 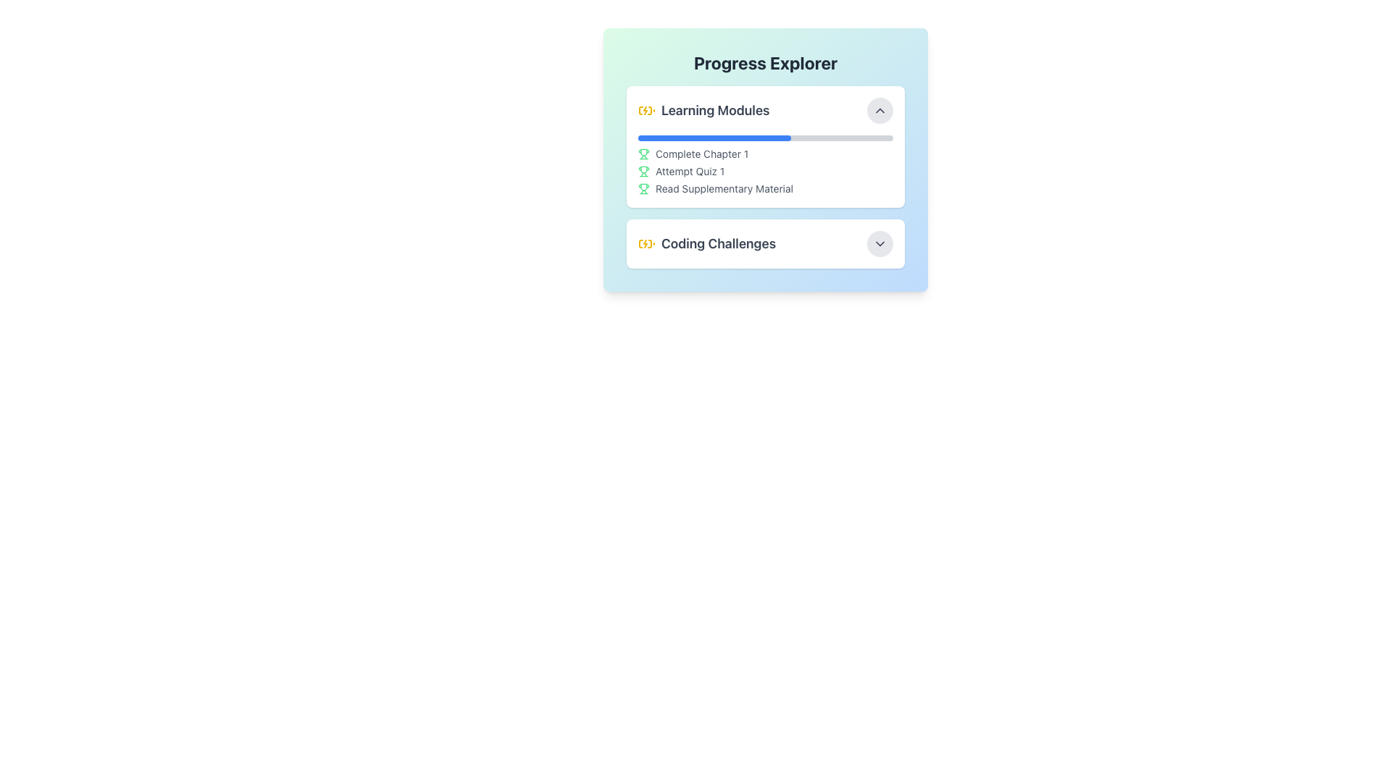 What do you see at coordinates (879, 110) in the screenshot?
I see `the chevron icon inside the circular button at the top-right of the 'Learning Modules' section header` at bounding box center [879, 110].